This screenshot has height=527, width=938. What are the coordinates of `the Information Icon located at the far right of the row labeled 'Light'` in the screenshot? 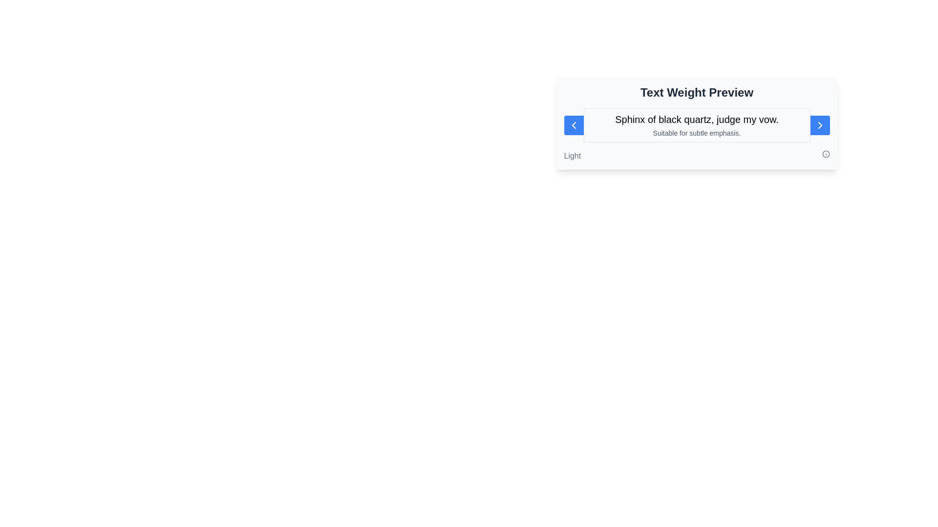 It's located at (825, 154).